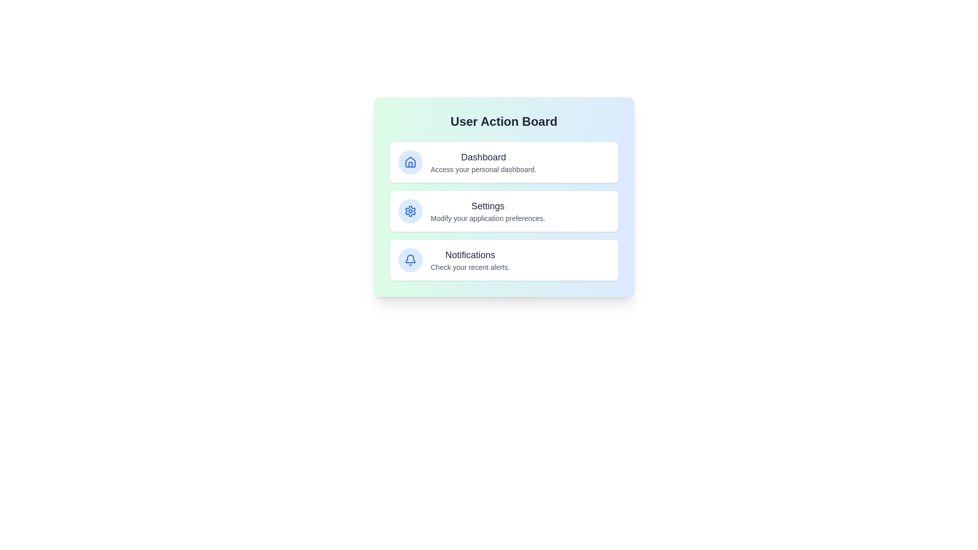  Describe the element at coordinates (504, 211) in the screenshot. I see `the 'Settings' action card to open the Settings` at that location.